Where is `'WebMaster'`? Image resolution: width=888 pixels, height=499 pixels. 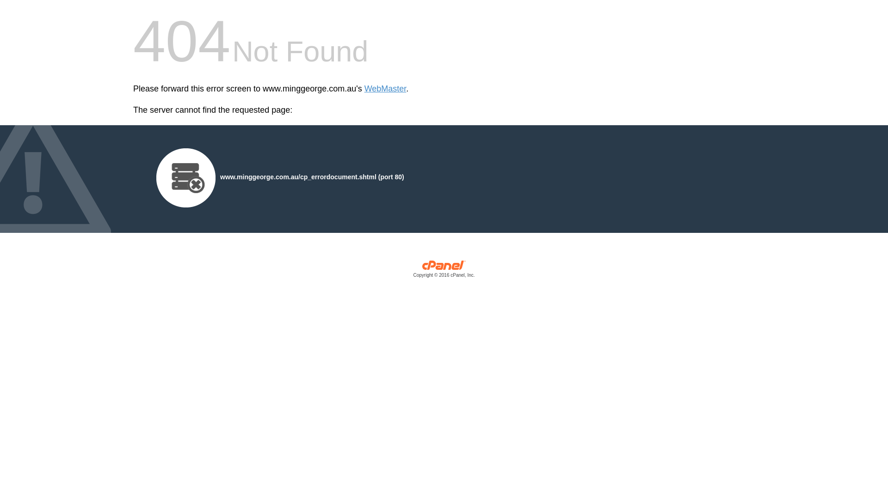 'WebMaster' is located at coordinates (385, 89).